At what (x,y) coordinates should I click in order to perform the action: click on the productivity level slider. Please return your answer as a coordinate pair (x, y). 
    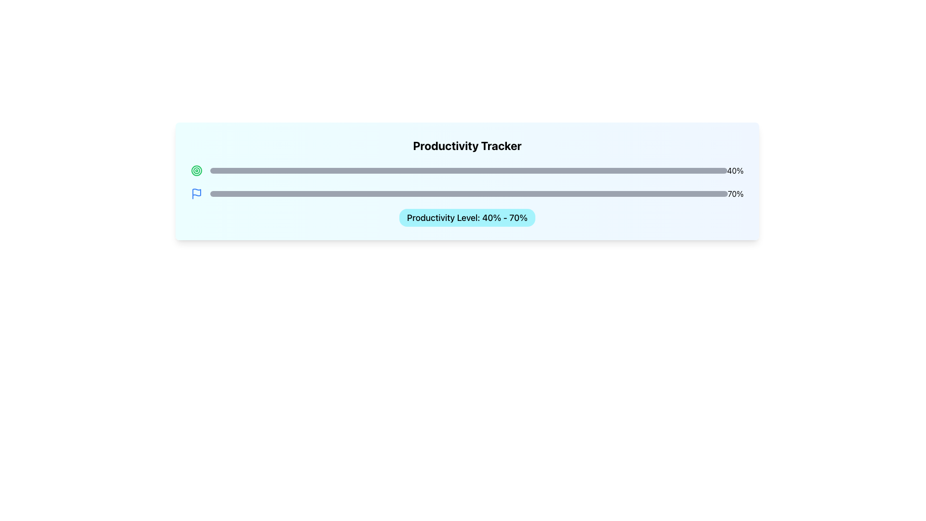
    Looking at the image, I should click on (509, 170).